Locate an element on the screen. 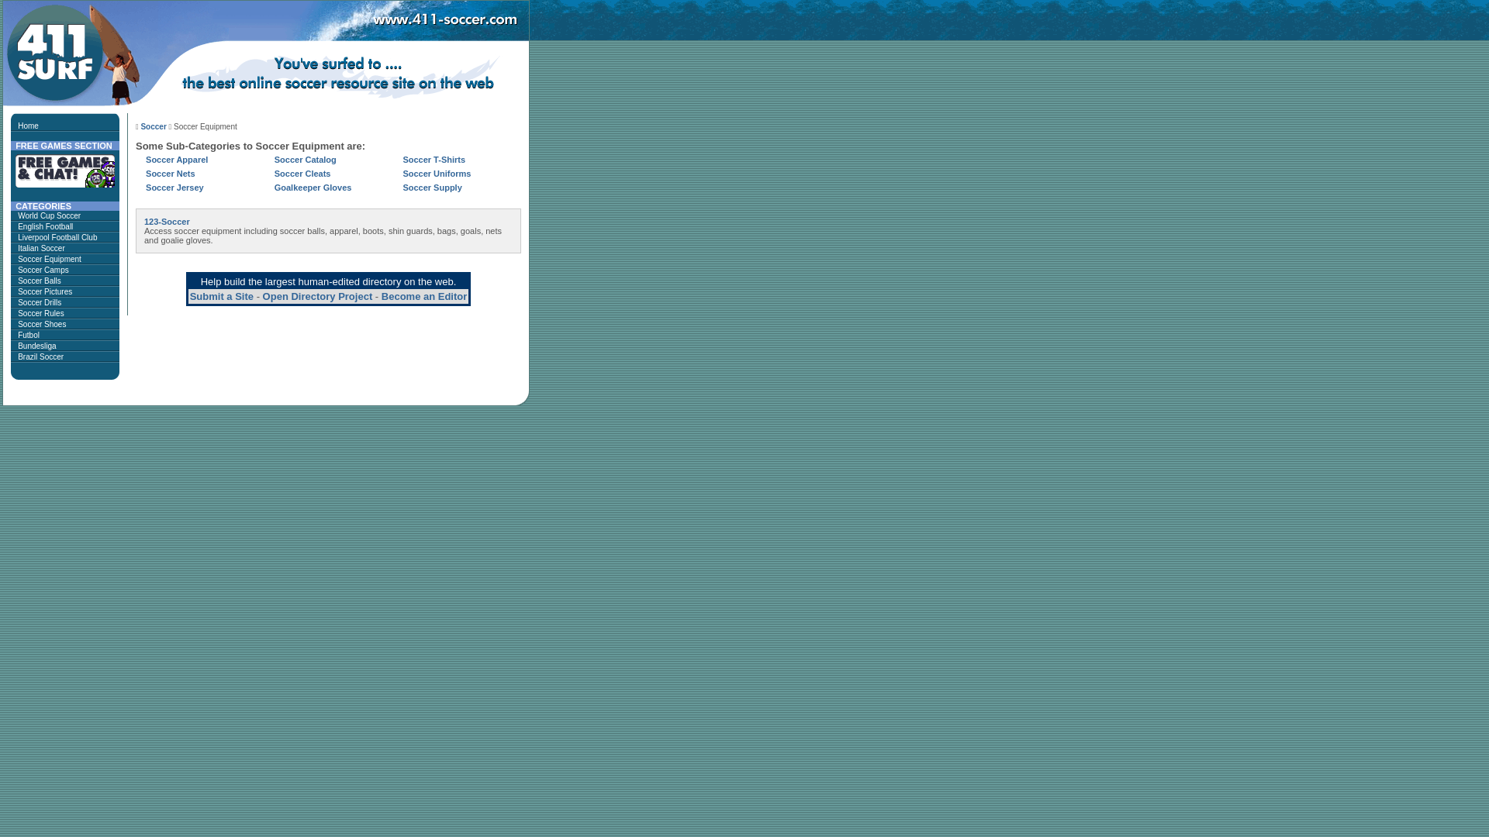 This screenshot has height=837, width=1489. '123-Soccer' is located at coordinates (167, 221).